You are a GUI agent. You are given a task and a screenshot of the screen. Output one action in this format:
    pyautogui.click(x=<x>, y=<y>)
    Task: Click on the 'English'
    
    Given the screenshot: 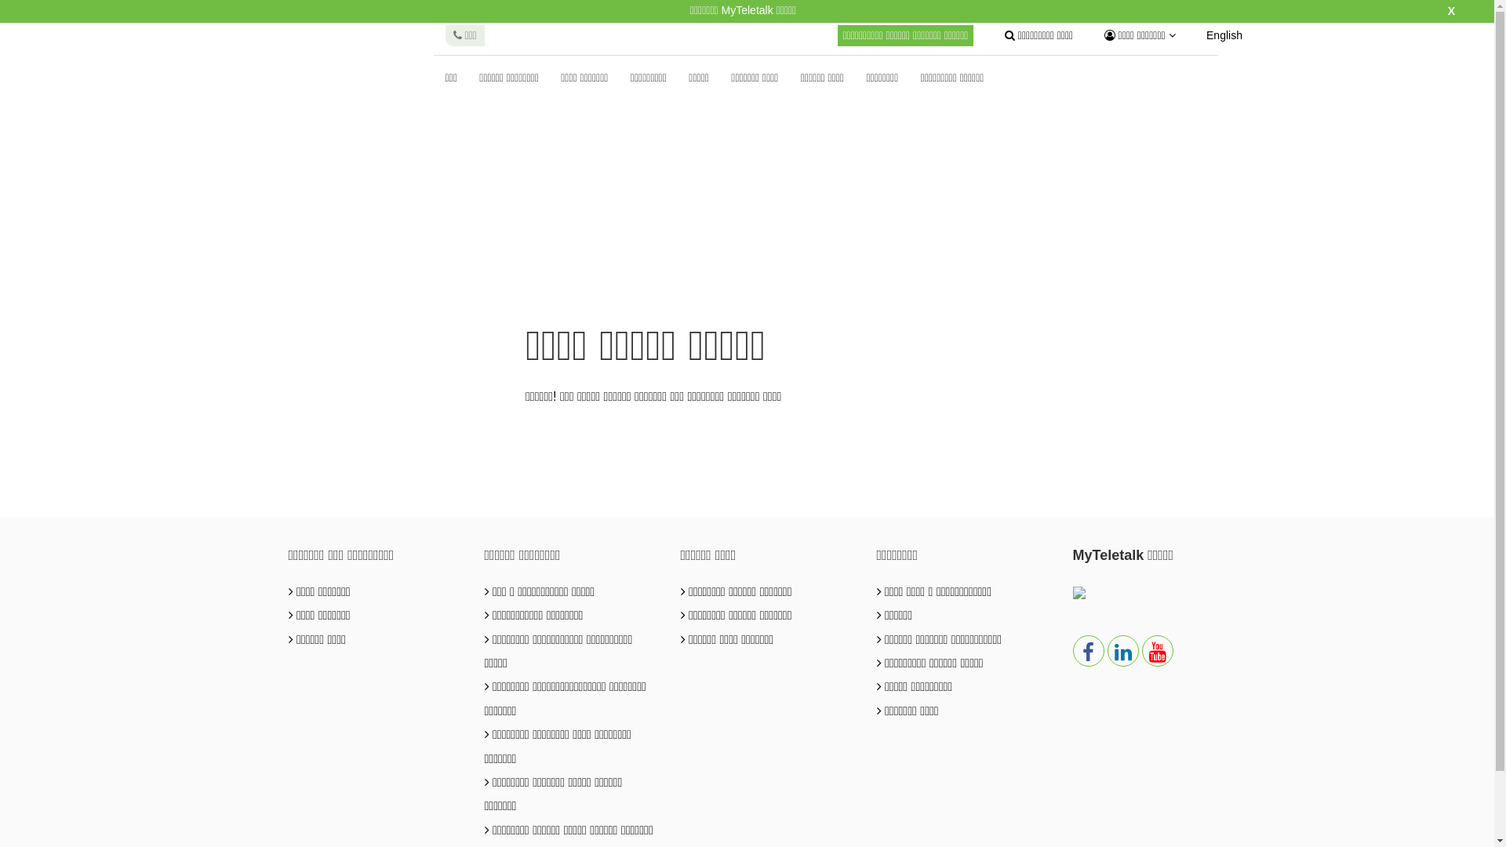 What is the action you would take?
    pyautogui.click(x=1223, y=35)
    